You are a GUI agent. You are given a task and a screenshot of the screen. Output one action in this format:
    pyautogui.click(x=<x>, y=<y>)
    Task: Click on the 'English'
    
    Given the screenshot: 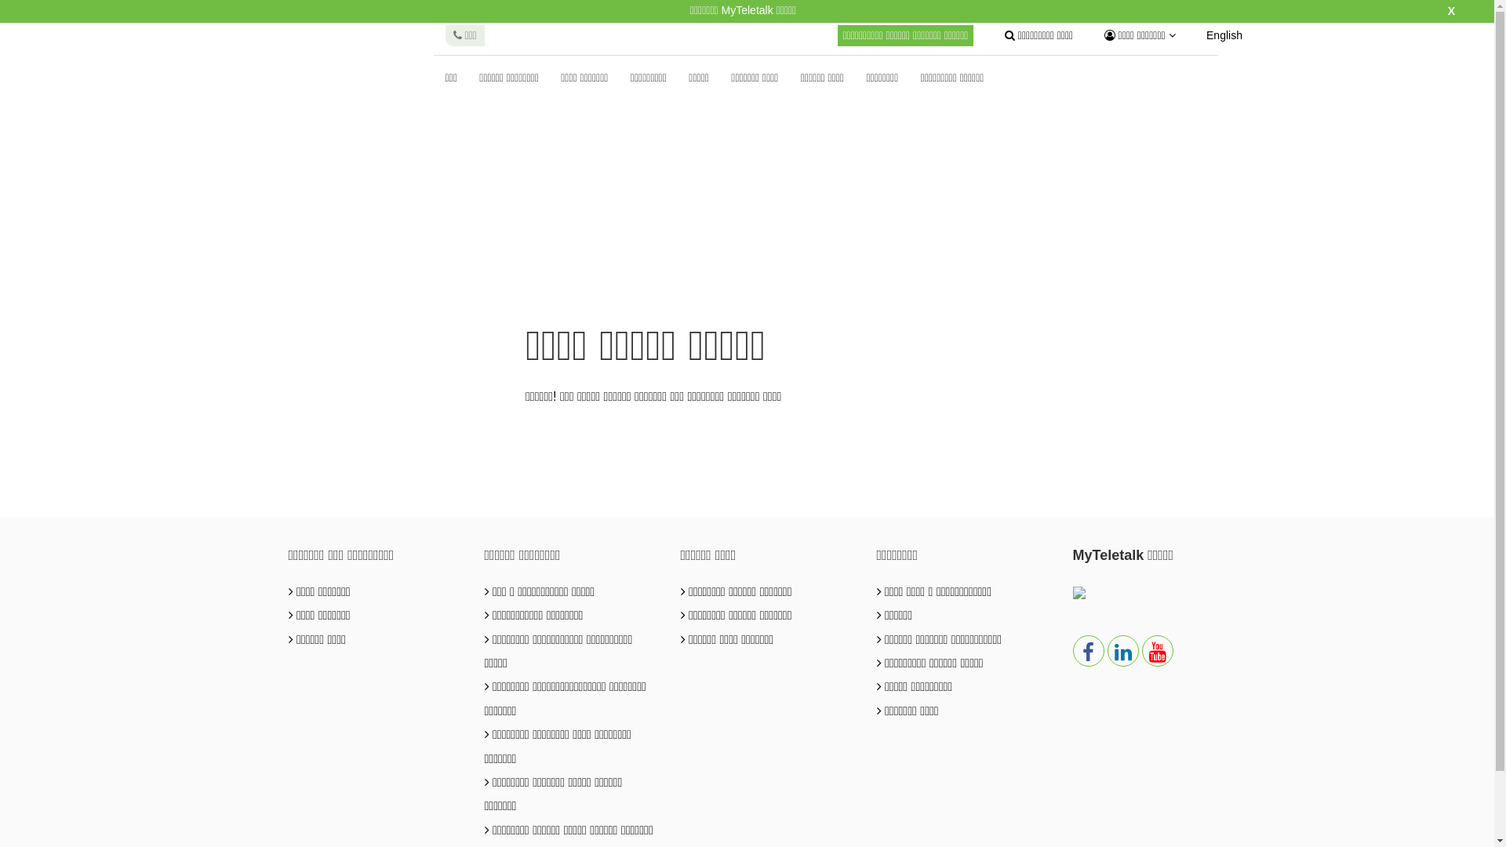 What is the action you would take?
    pyautogui.click(x=1223, y=35)
    